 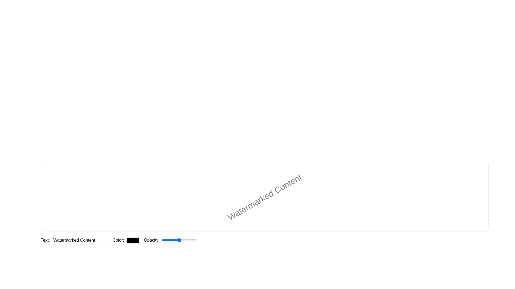 What do you see at coordinates (126, 240) in the screenshot?
I see `the Color input field labeled 'Color:' which displays the currently selected color, black` at bounding box center [126, 240].